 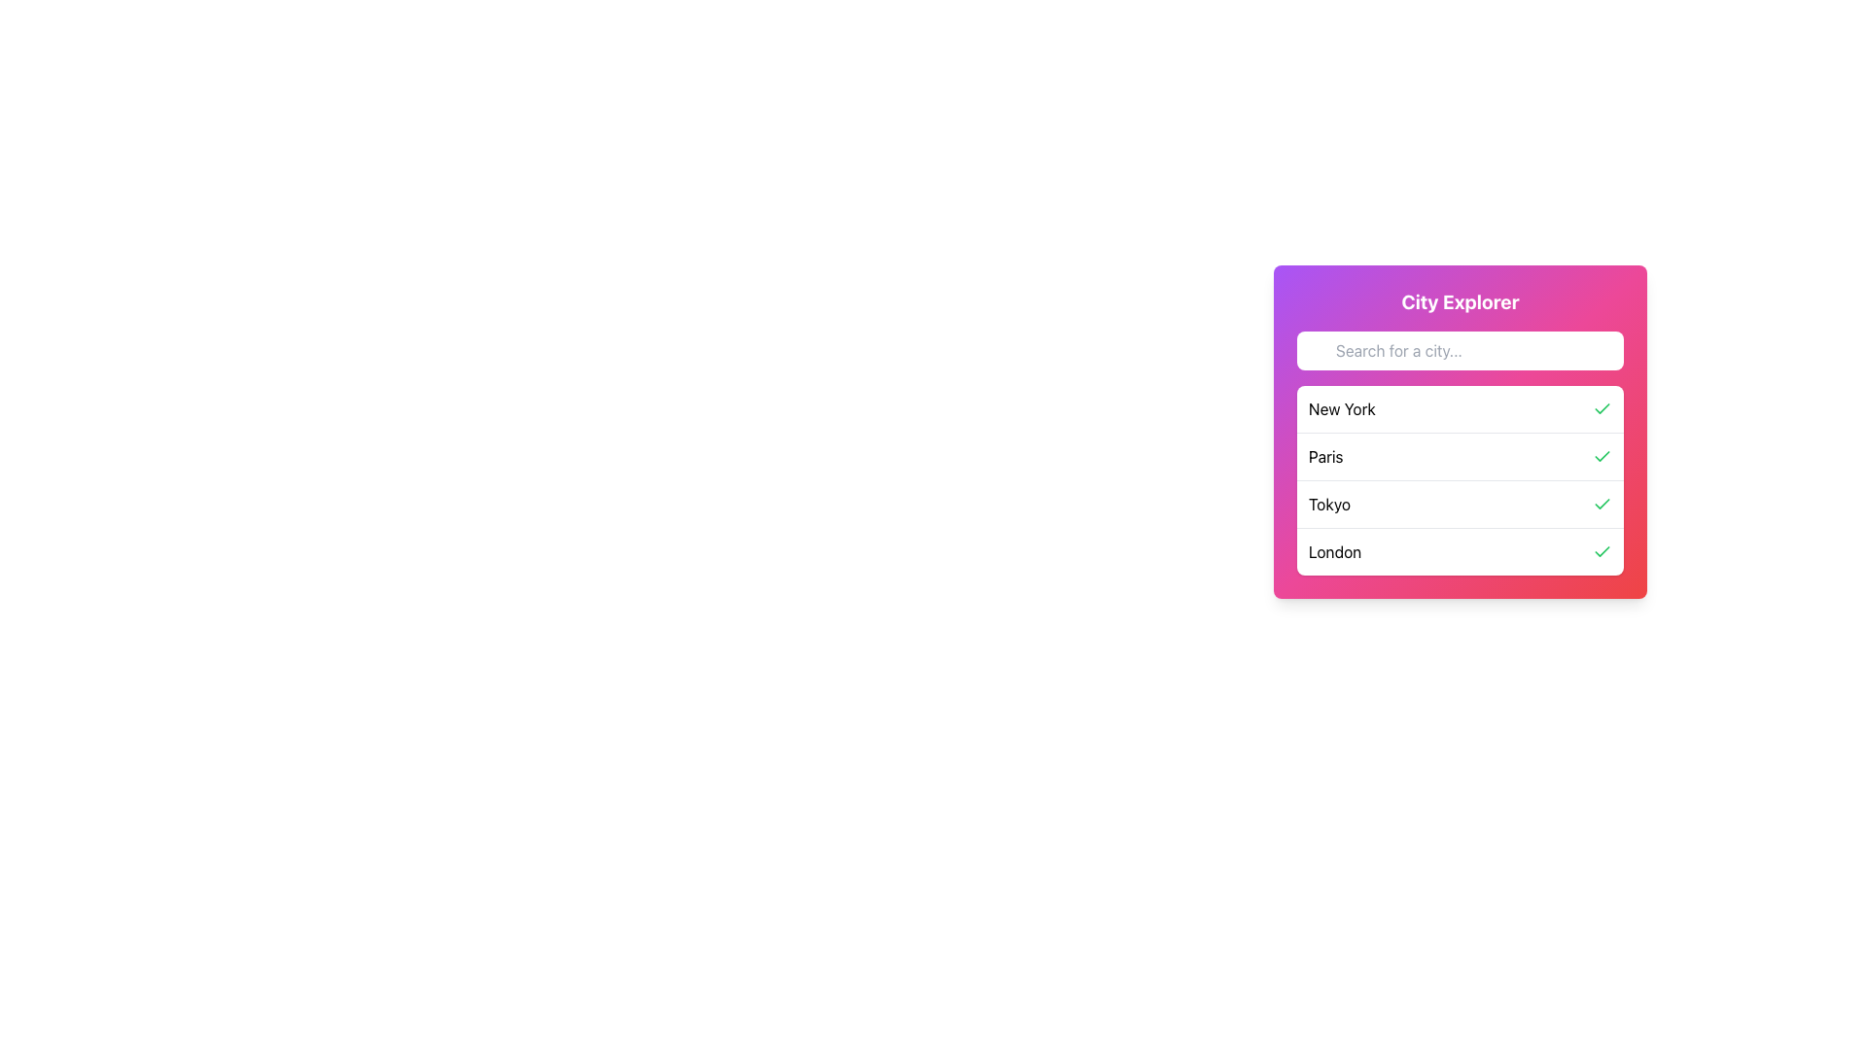 What do you see at coordinates (1602, 457) in the screenshot?
I see `the selection indicator icon for the city 'Paris' in the 'City Explorer' UI, which is located to the far right of the 'Paris' list item` at bounding box center [1602, 457].